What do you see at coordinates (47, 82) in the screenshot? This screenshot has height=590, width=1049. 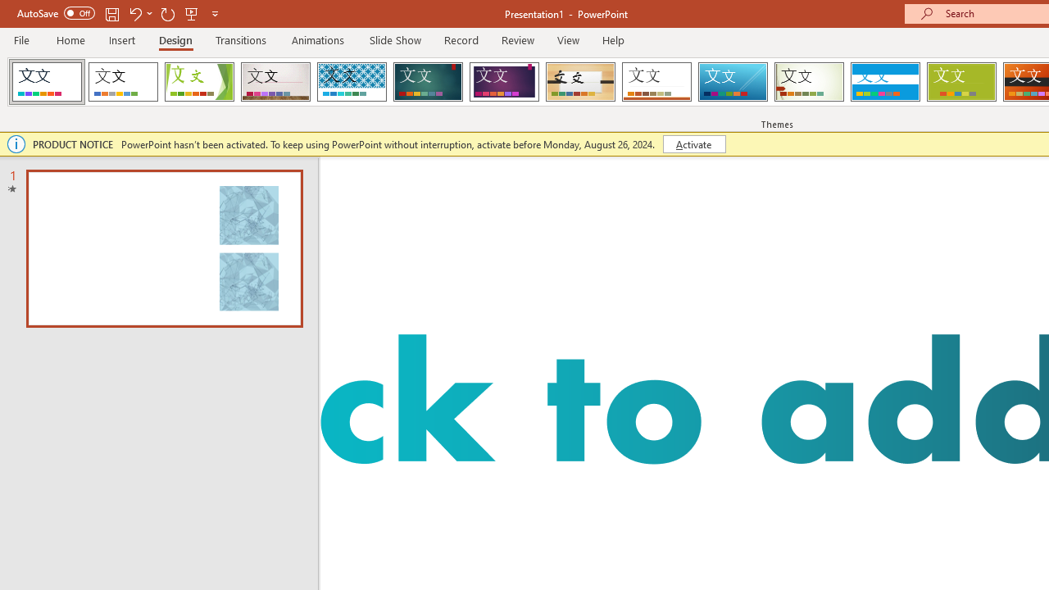 I see `'FadeVTI'` at bounding box center [47, 82].